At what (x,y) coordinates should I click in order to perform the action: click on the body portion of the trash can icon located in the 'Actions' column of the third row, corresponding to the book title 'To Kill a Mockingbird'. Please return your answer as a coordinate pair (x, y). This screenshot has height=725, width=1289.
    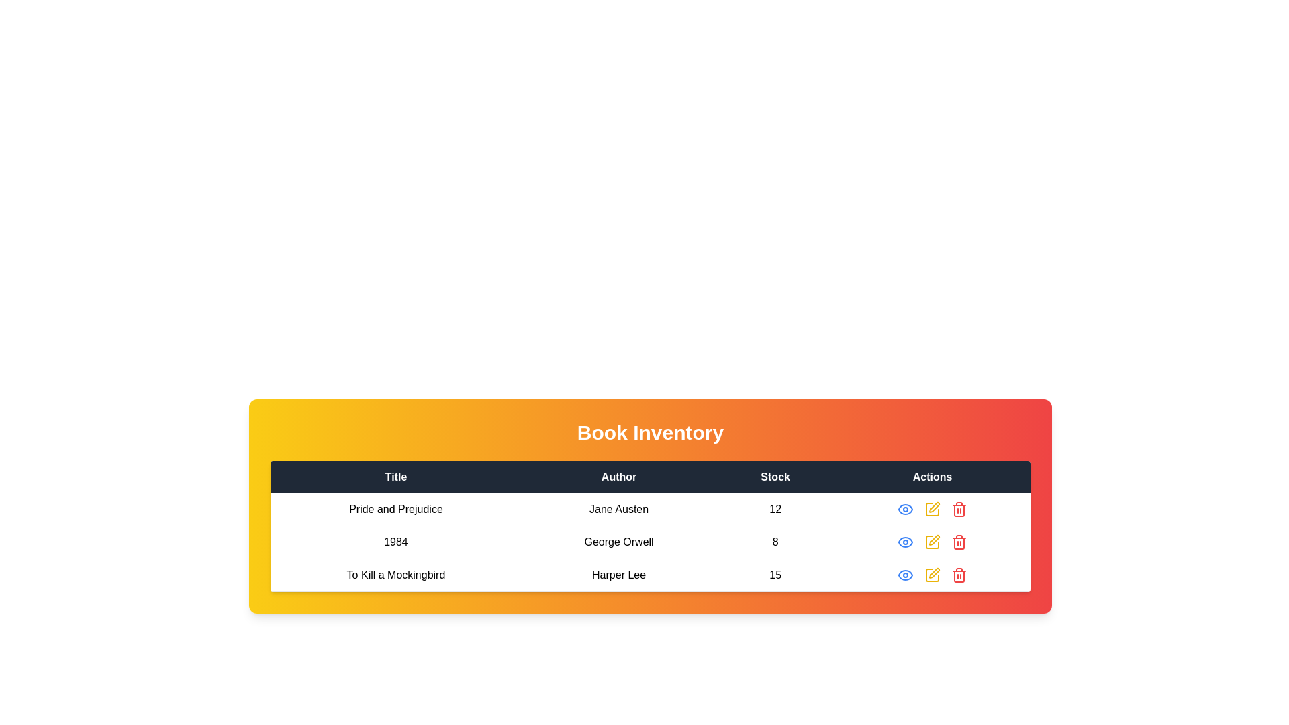
    Looking at the image, I should click on (959, 576).